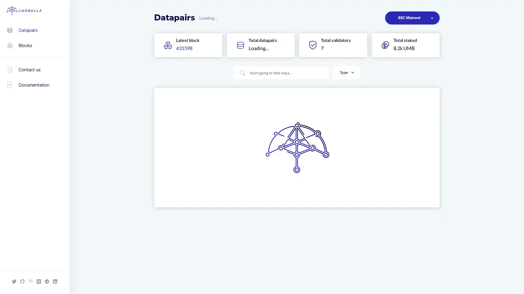 Image resolution: width=524 pixels, height=294 pixels. What do you see at coordinates (165, 196) in the screenshot?
I see `Previous page` at bounding box center [165, 196].